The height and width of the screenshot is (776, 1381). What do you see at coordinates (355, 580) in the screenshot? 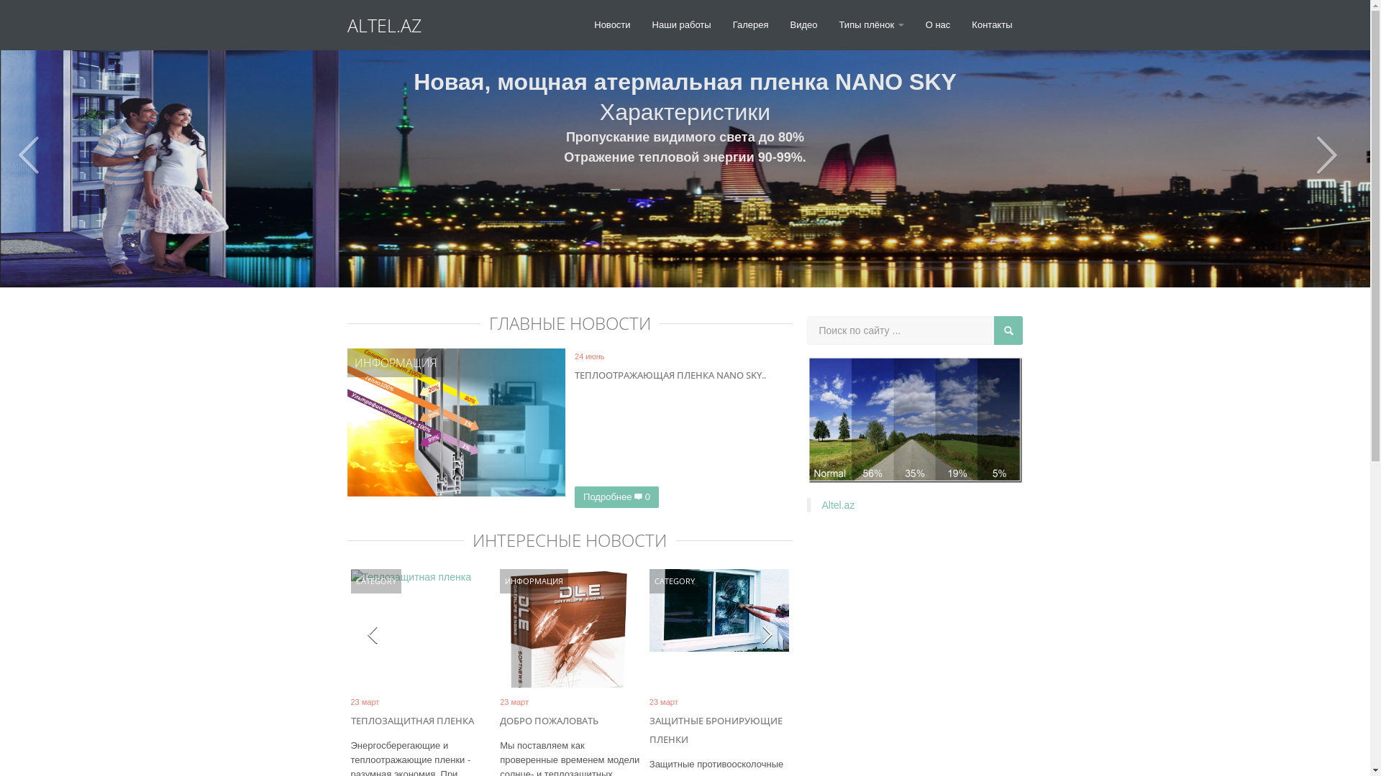
I see `'CATEGORY'` at bounding box center [355, 580].